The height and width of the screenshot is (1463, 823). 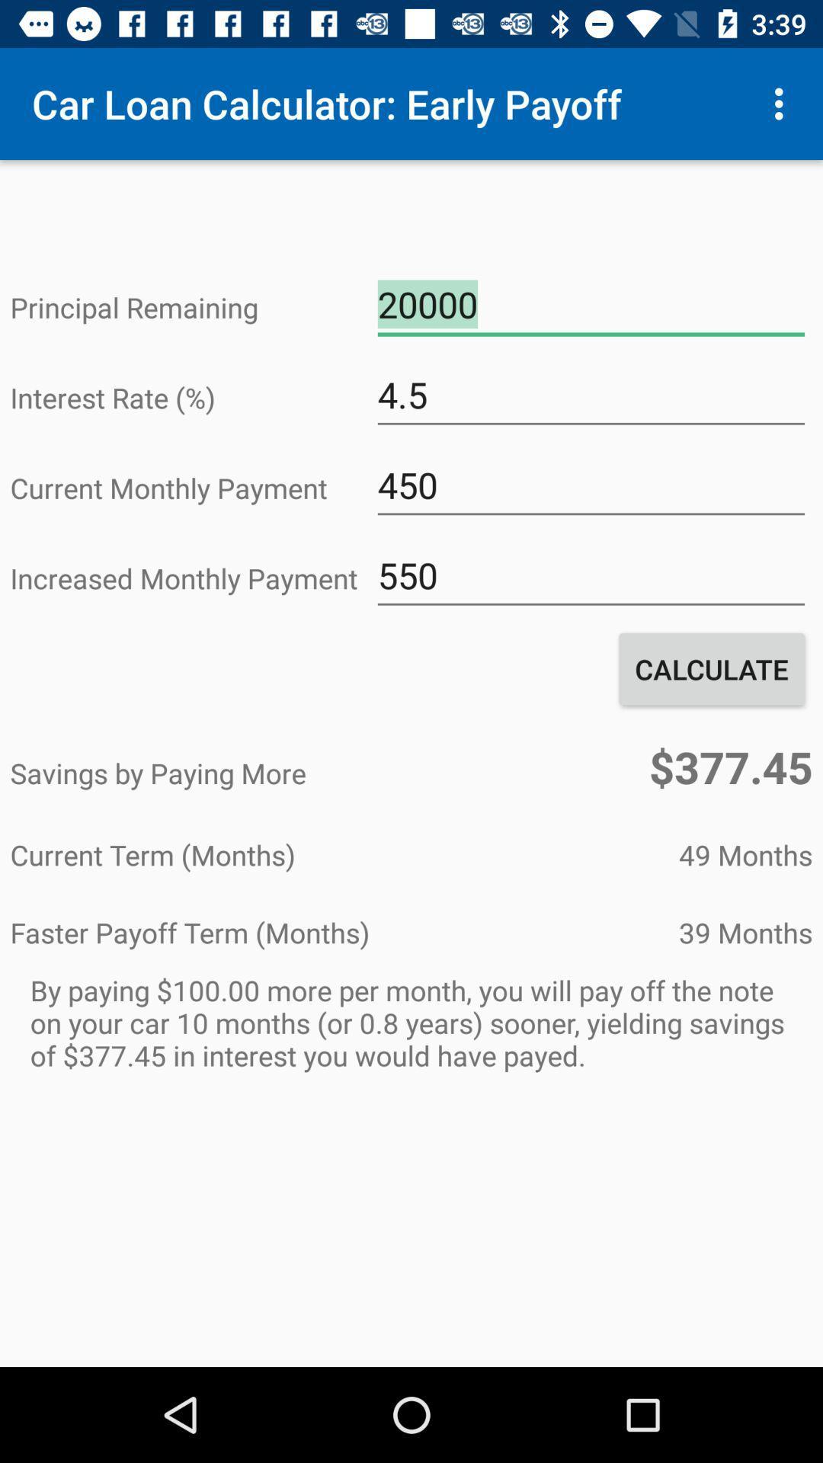 I want to click on item below the 4.5, so click(x=590, y=485).